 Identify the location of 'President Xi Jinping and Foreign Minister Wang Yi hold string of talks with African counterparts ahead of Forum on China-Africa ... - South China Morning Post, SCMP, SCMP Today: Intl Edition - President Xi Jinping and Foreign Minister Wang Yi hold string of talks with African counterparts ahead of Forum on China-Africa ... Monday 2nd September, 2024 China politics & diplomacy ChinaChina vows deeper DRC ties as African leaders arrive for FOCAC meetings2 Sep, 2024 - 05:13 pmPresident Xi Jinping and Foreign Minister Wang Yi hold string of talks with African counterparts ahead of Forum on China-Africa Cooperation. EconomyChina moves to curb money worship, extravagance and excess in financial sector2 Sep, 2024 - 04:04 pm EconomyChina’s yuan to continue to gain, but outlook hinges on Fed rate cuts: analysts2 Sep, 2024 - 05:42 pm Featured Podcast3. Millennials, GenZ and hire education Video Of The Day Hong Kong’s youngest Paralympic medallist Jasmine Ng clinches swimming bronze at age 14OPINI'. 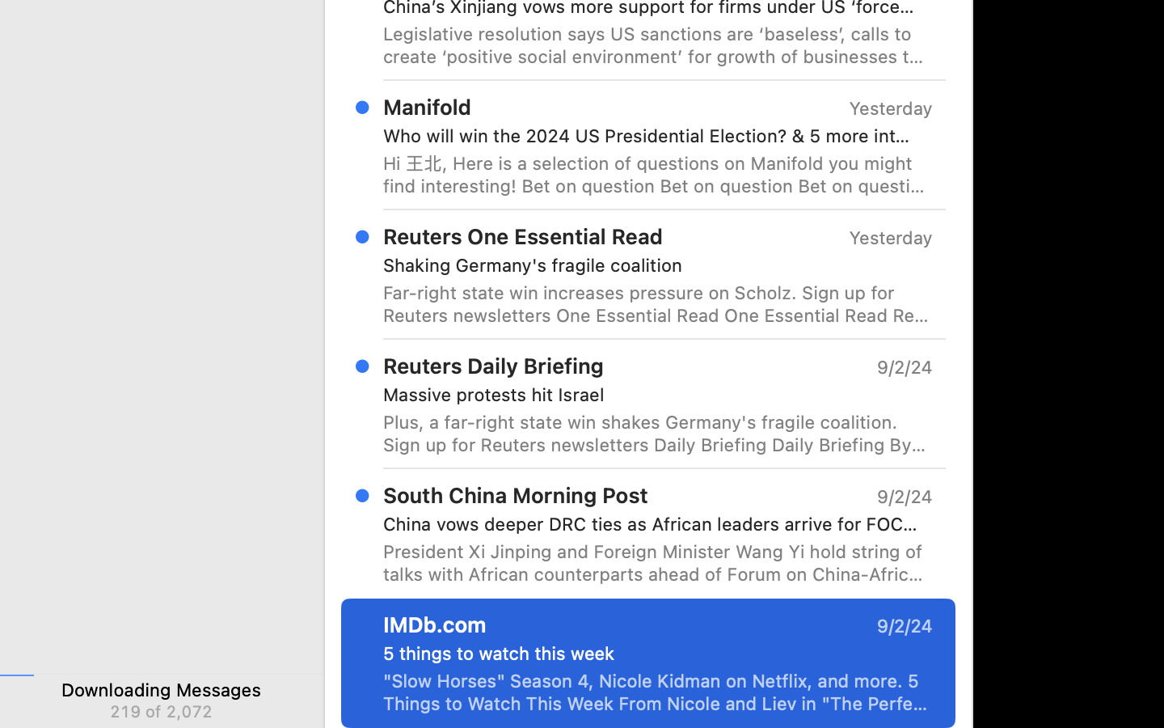
(658, 561).